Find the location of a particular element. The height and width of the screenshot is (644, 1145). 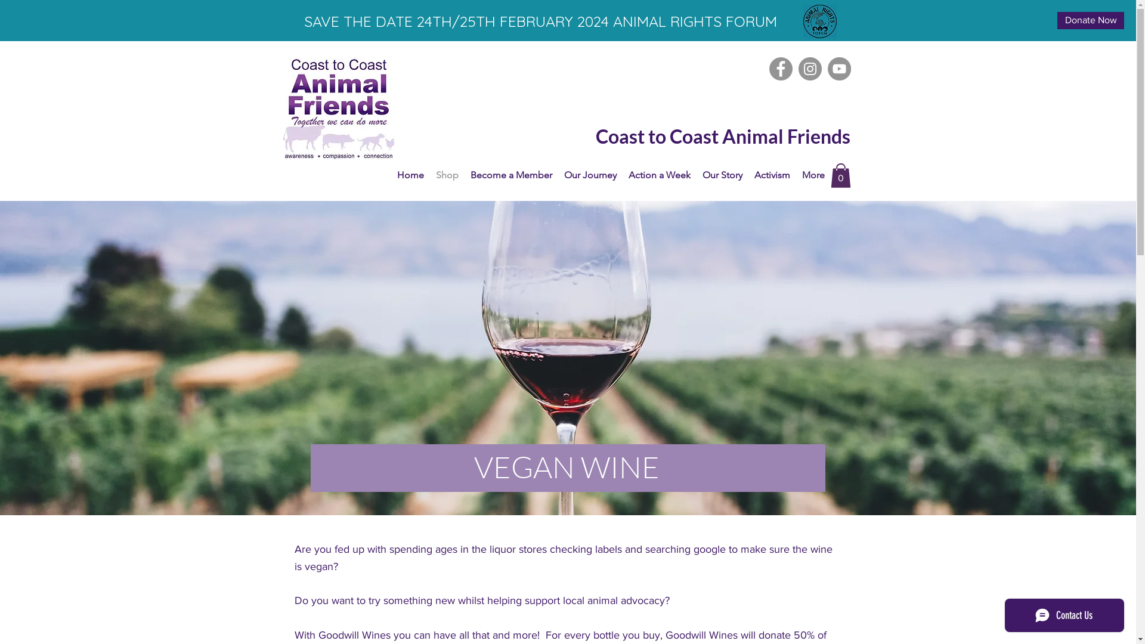

'Home' is located at coordinates (410, 175).